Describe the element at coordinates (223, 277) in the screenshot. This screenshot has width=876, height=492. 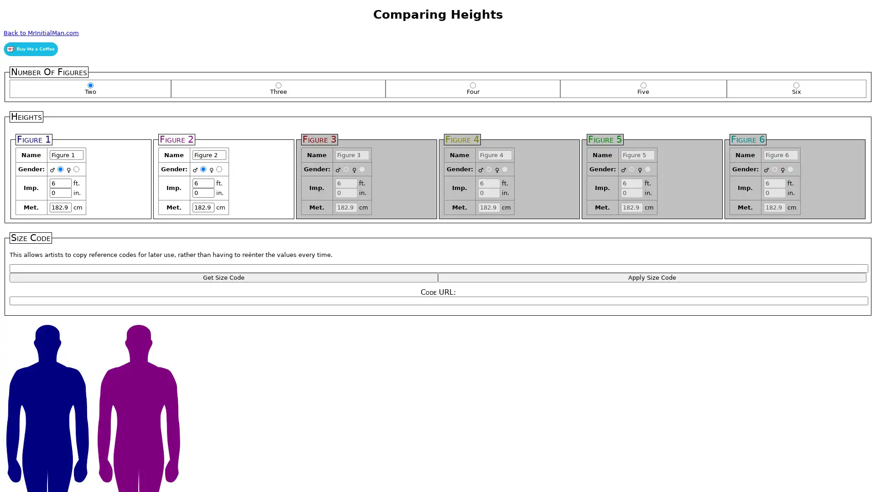
I see `Get Size Code` at that location.